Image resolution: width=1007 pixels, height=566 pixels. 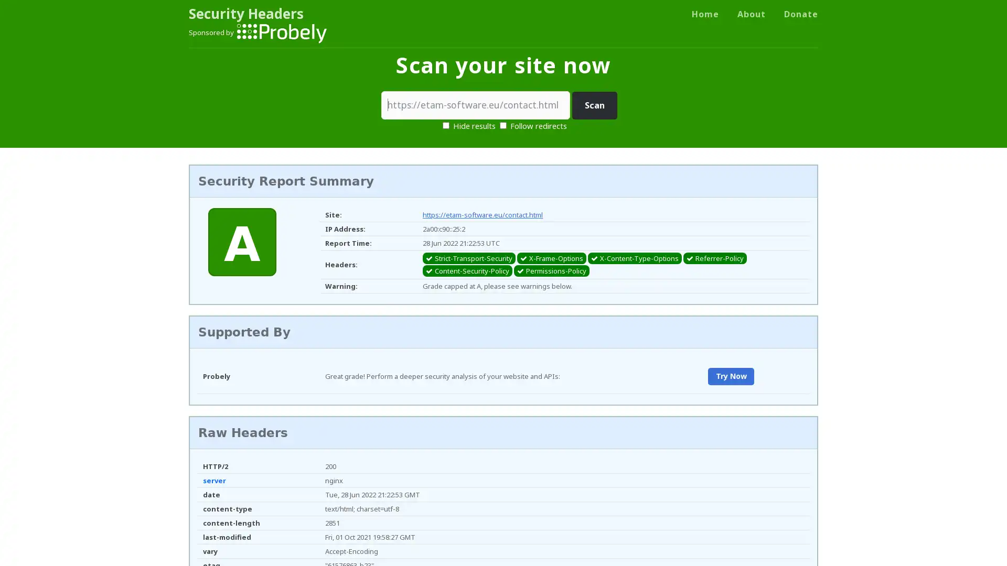 What do you see at coordinates (730, 376) in the screenshot?
I see `Try Now` at bounding box center [730, 376].